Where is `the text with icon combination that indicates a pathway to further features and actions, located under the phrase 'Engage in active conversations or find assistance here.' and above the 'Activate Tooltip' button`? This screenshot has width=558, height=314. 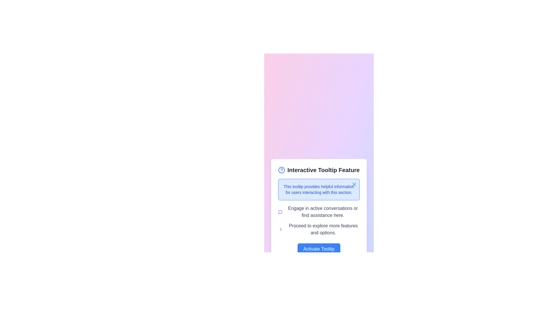
the text with icon combination that indicates a pathway to further features and actions, located under the phrase 'Engage in active conversations or find assistance here.' and above the 'Activate Tooltip' button is located at coordinates (319, 229).